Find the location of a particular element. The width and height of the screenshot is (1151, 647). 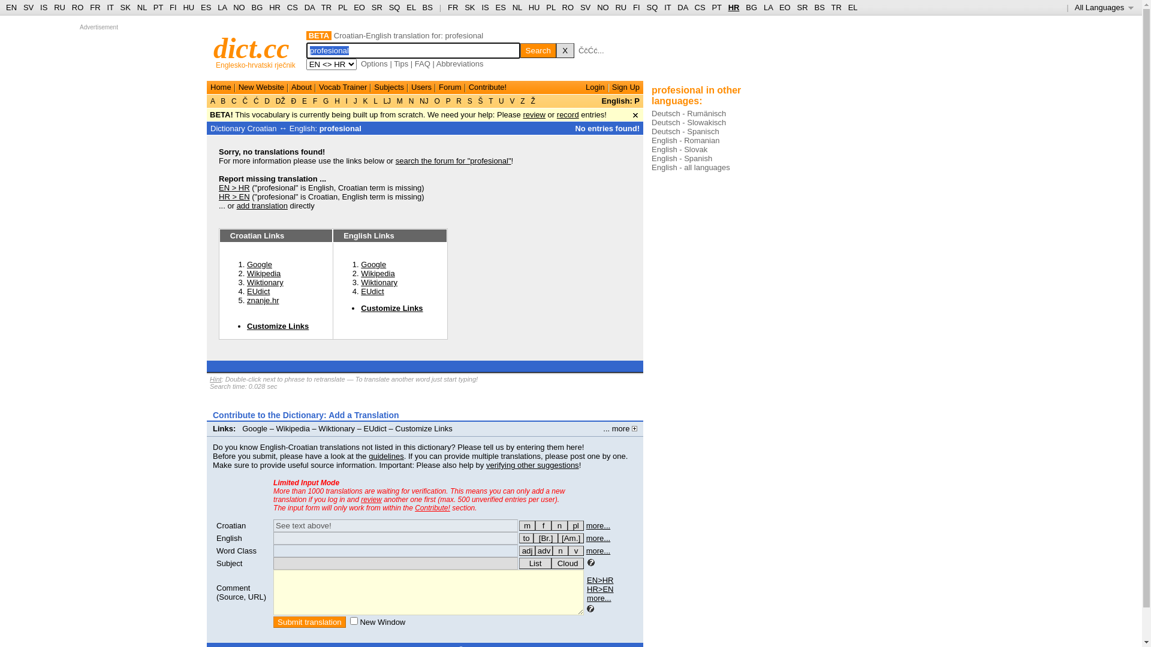

'Contribute to the Dictionary: Add a Translation' is located at coordinates (306, 415).